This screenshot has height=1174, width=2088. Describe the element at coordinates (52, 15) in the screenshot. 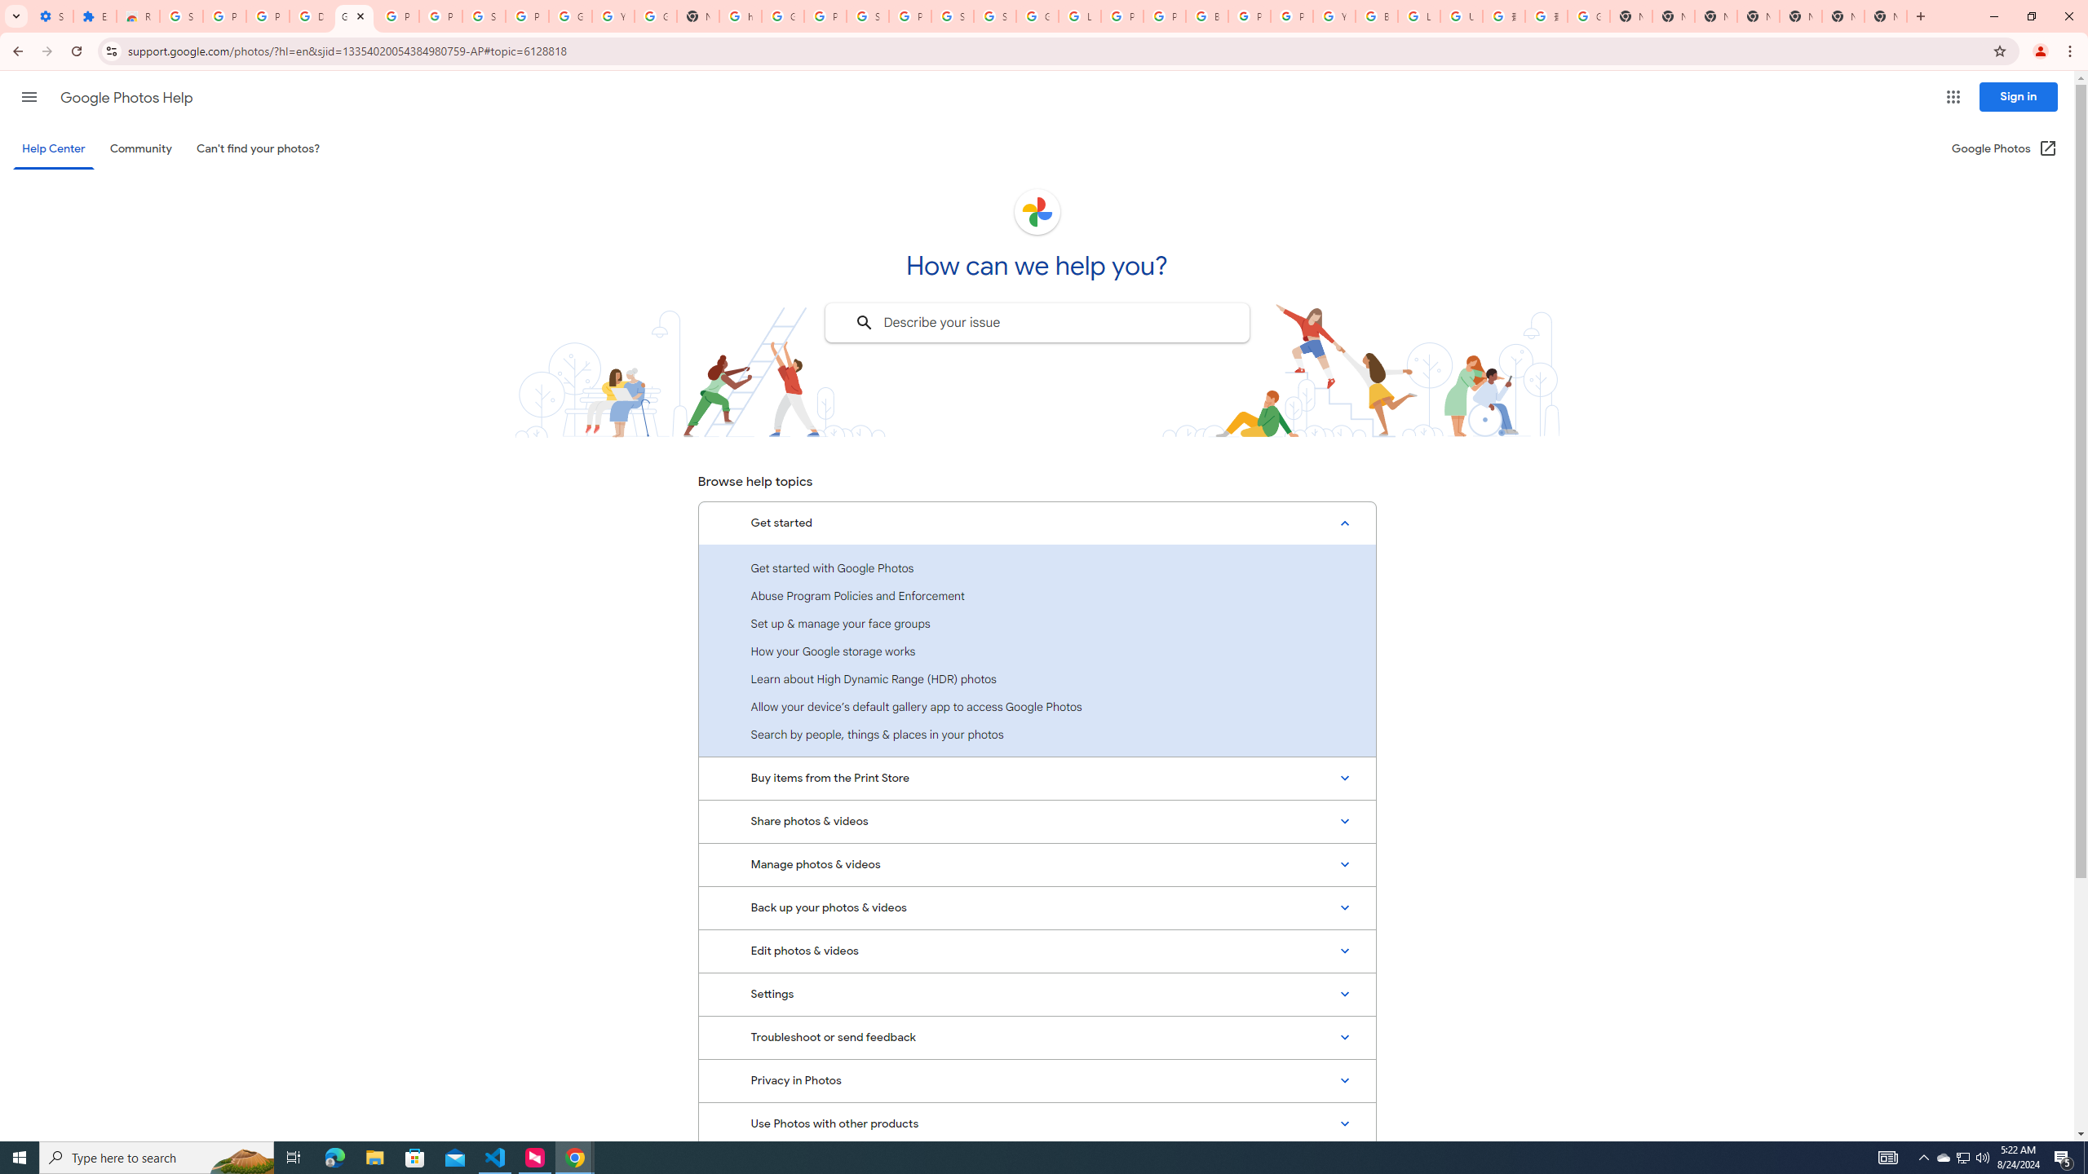

I see `'Settings - On startup'` at that location.